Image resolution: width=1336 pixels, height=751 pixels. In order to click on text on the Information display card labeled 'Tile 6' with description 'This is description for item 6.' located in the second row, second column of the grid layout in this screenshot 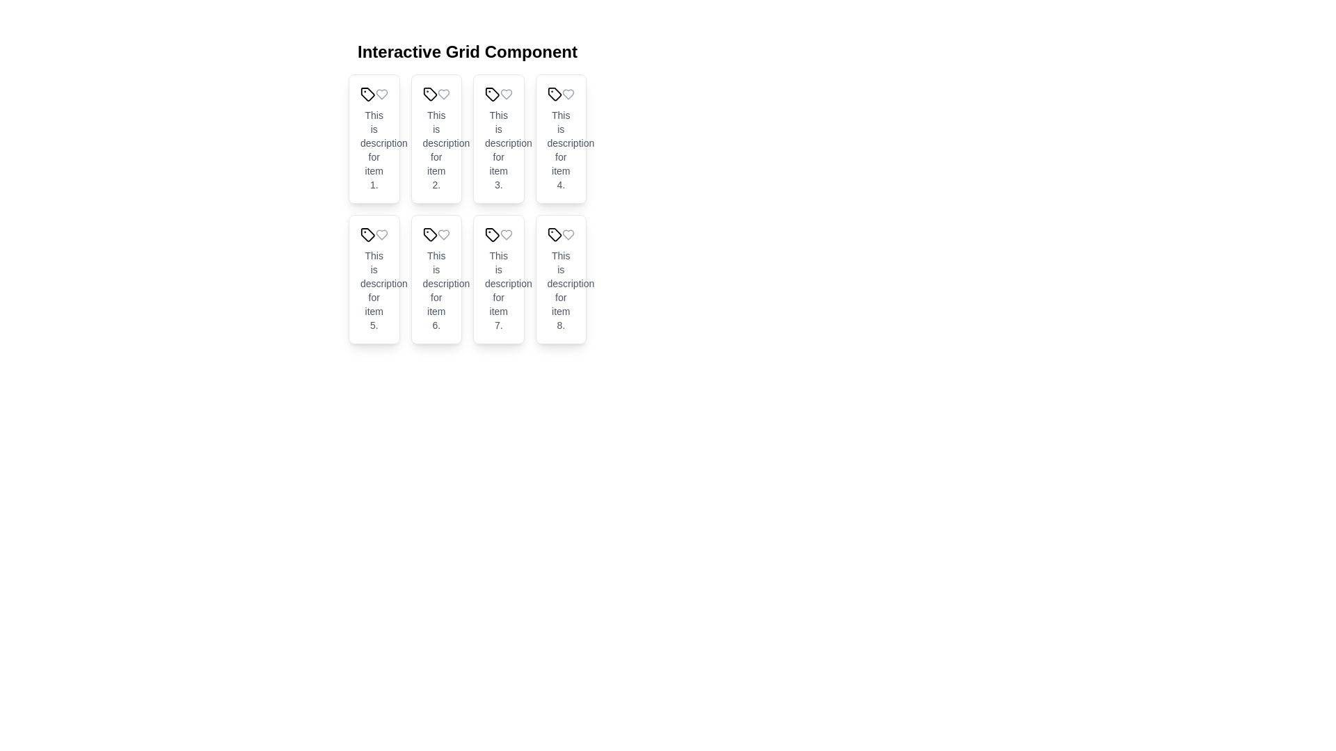, I will do `click(436, 279)`.